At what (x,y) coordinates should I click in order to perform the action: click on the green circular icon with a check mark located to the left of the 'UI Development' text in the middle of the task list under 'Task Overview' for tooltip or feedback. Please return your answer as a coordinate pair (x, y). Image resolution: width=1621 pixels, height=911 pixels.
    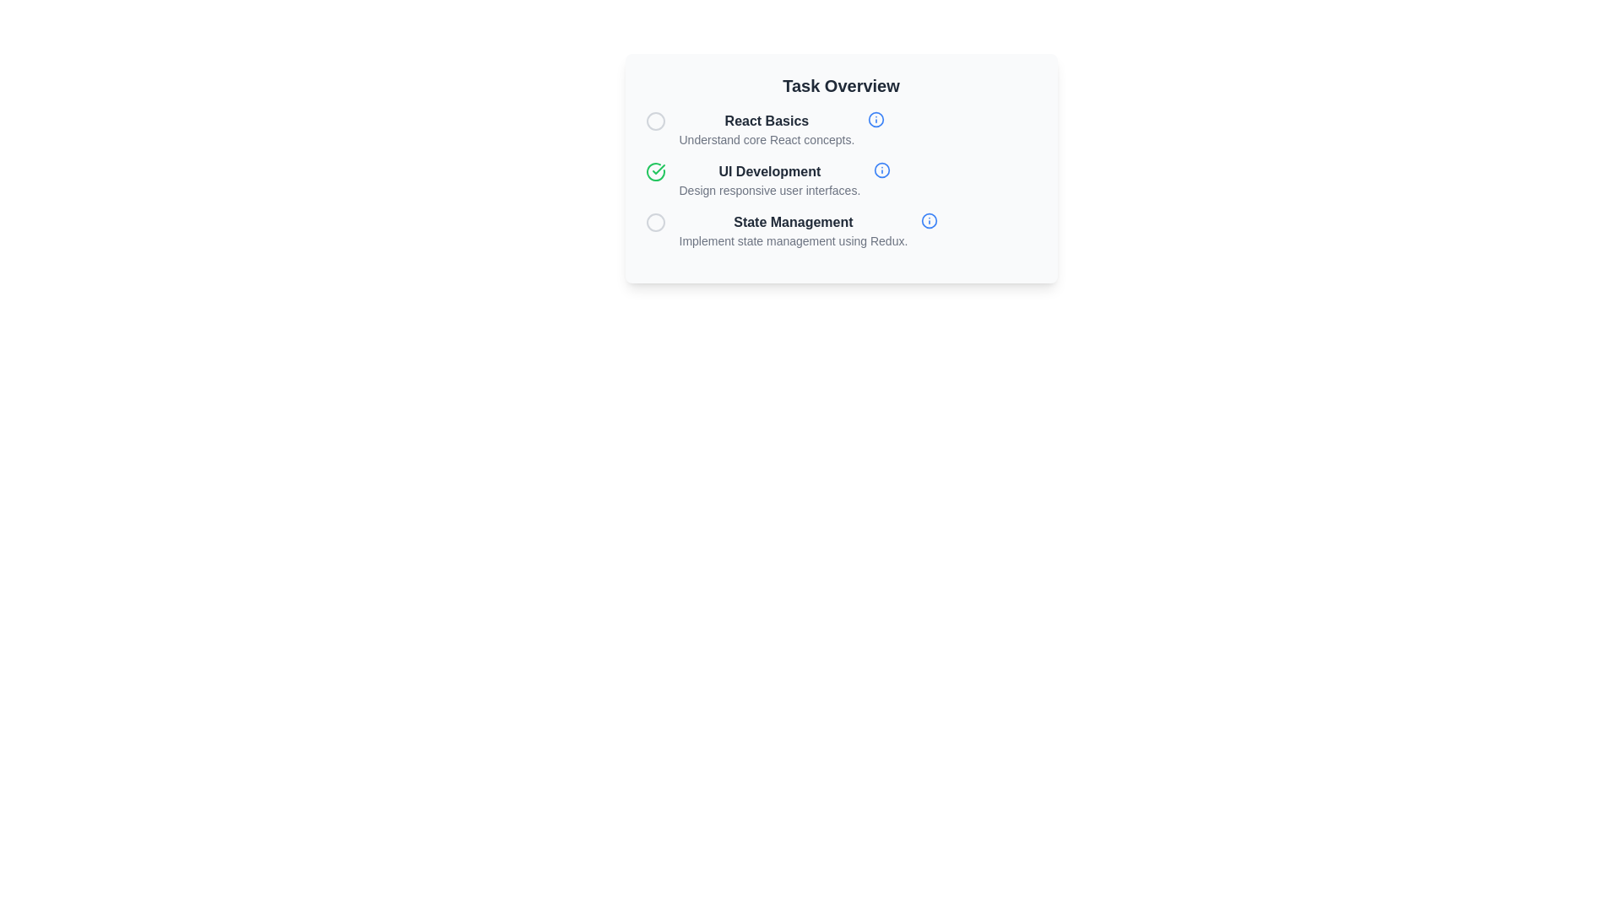
    Looking at the image, I should click on (654, 172).